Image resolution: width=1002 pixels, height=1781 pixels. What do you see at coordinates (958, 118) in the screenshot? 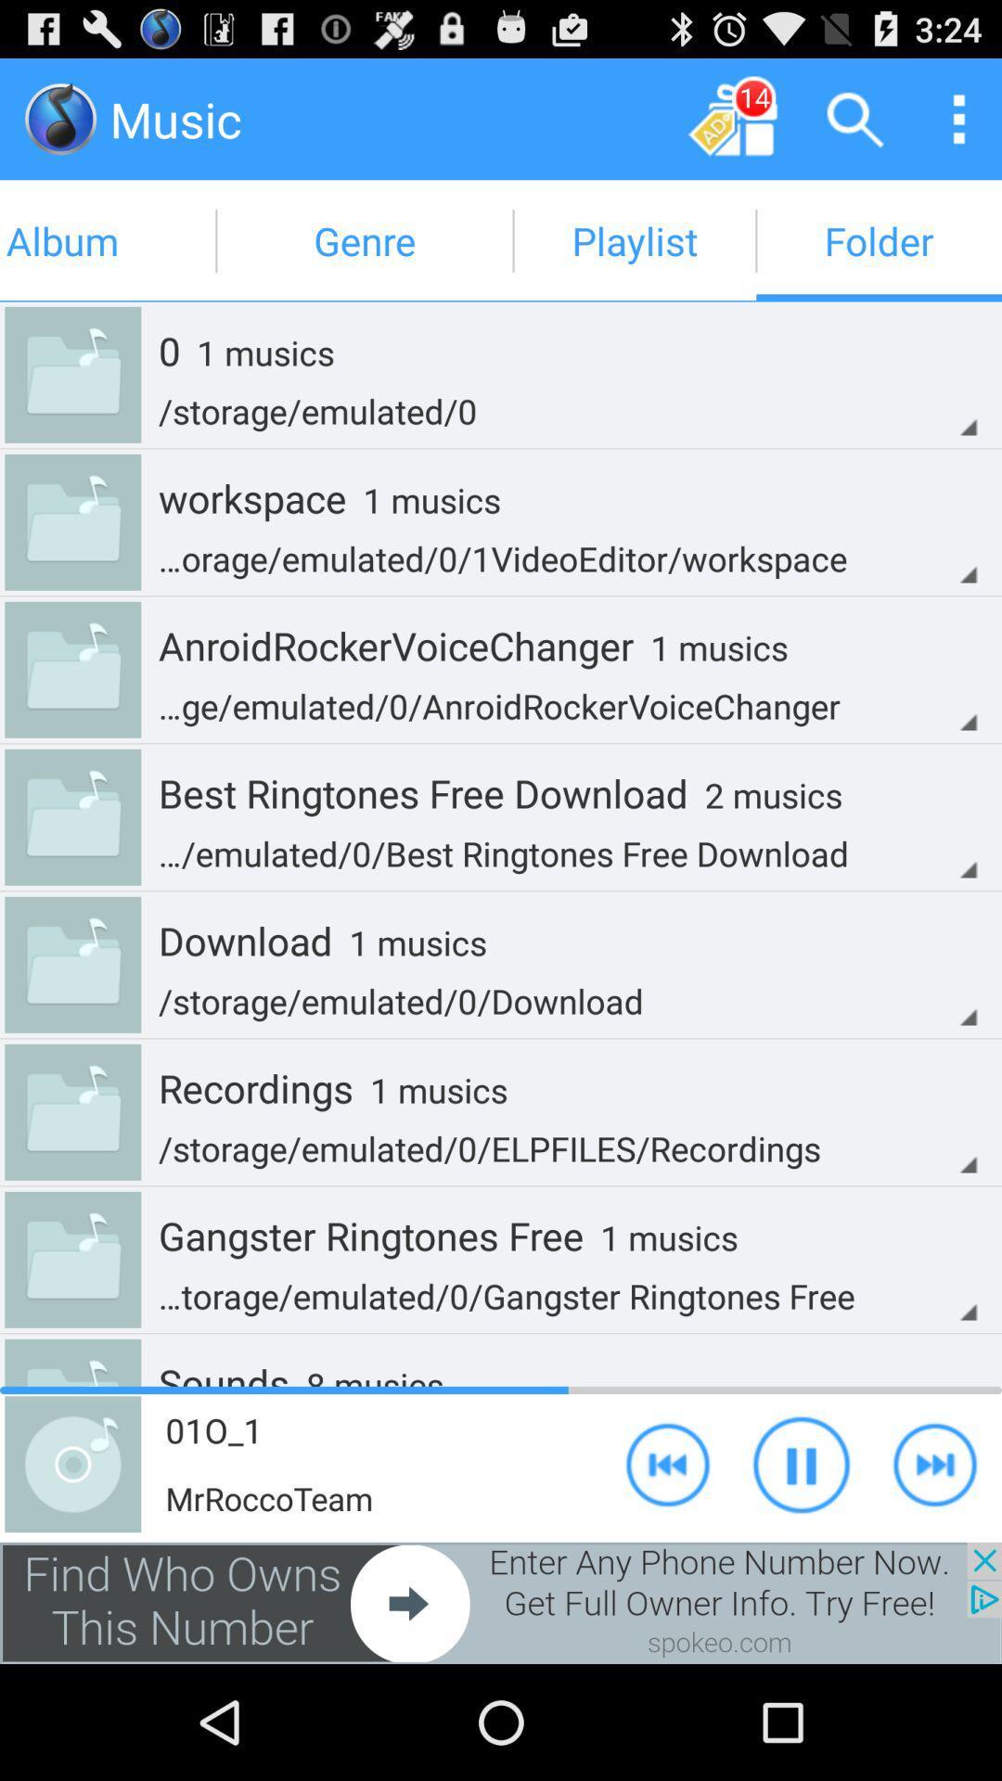
I see `more actions` at bounding box center [958, 118].